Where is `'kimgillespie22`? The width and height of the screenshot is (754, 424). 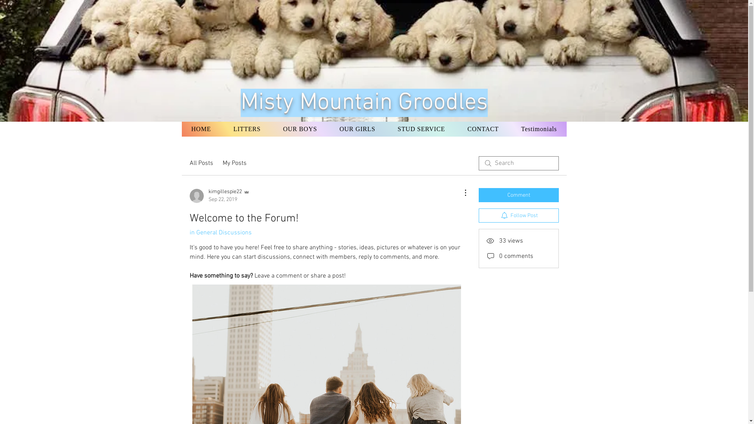 'kimgillespie22 is located at coordinates (219, 195).